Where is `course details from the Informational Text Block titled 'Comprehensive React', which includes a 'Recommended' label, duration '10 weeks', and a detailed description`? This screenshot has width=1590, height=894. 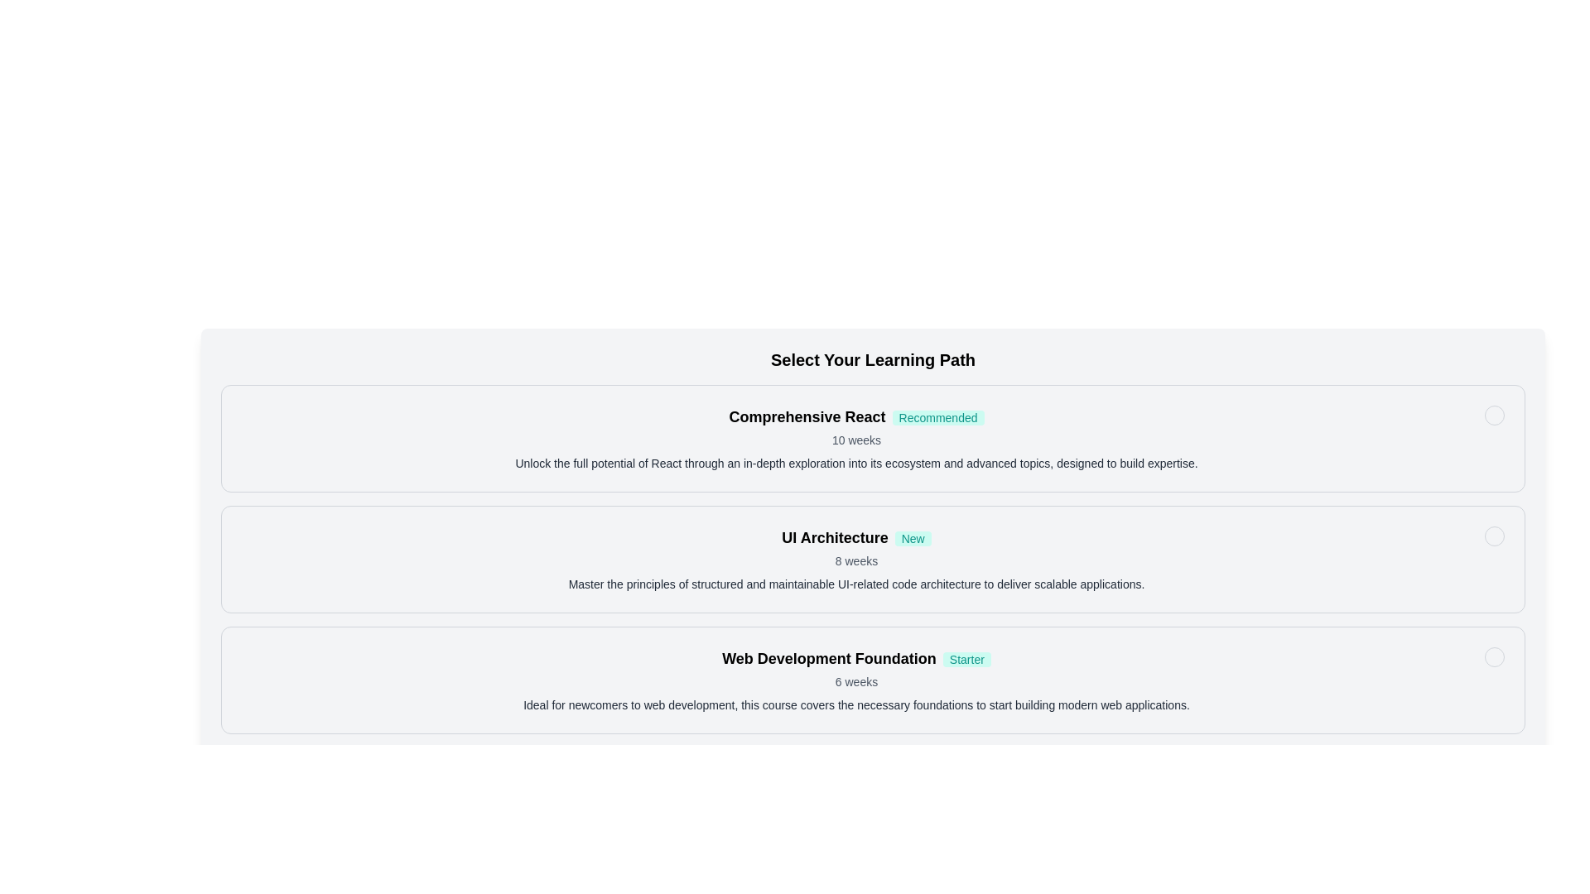 course details from the Informational Text Block titled 'Comprehensive React', which includes a 'Recommended' label, duration '10 weeks', and a detailed description is located at coordinates (856, 437).